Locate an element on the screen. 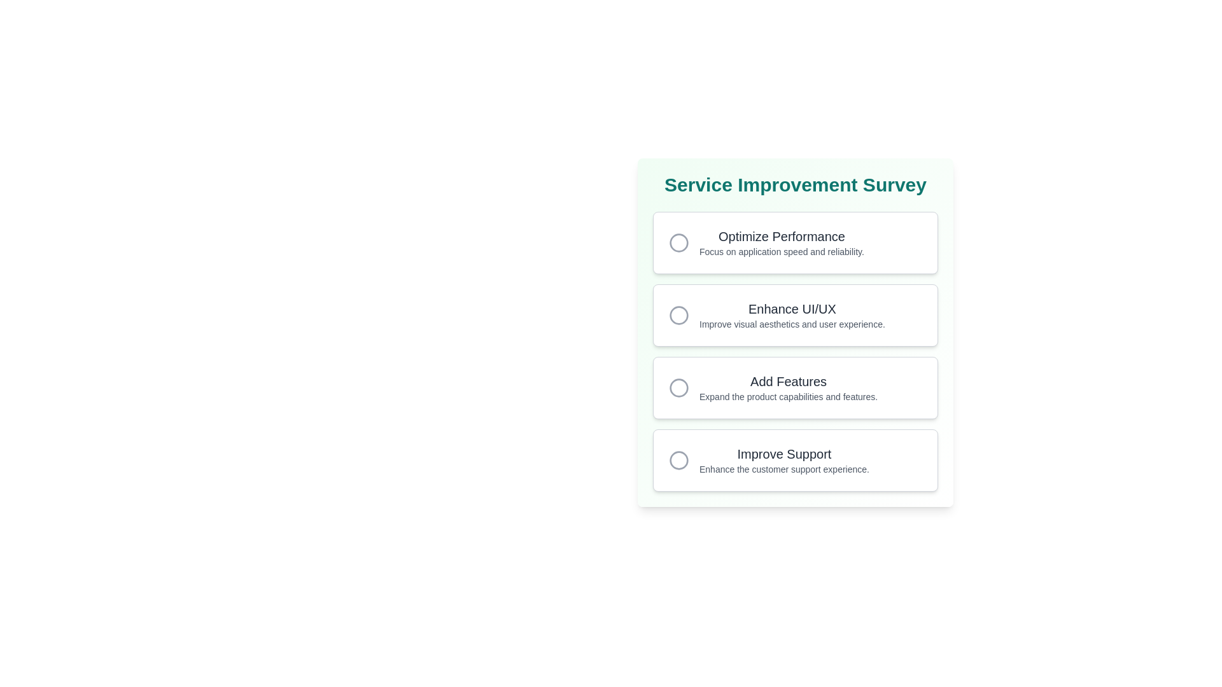  the second option titled 'Enhance UI/UX' in the 'Service Improvement Survey' is located at coordinates (794, 351).